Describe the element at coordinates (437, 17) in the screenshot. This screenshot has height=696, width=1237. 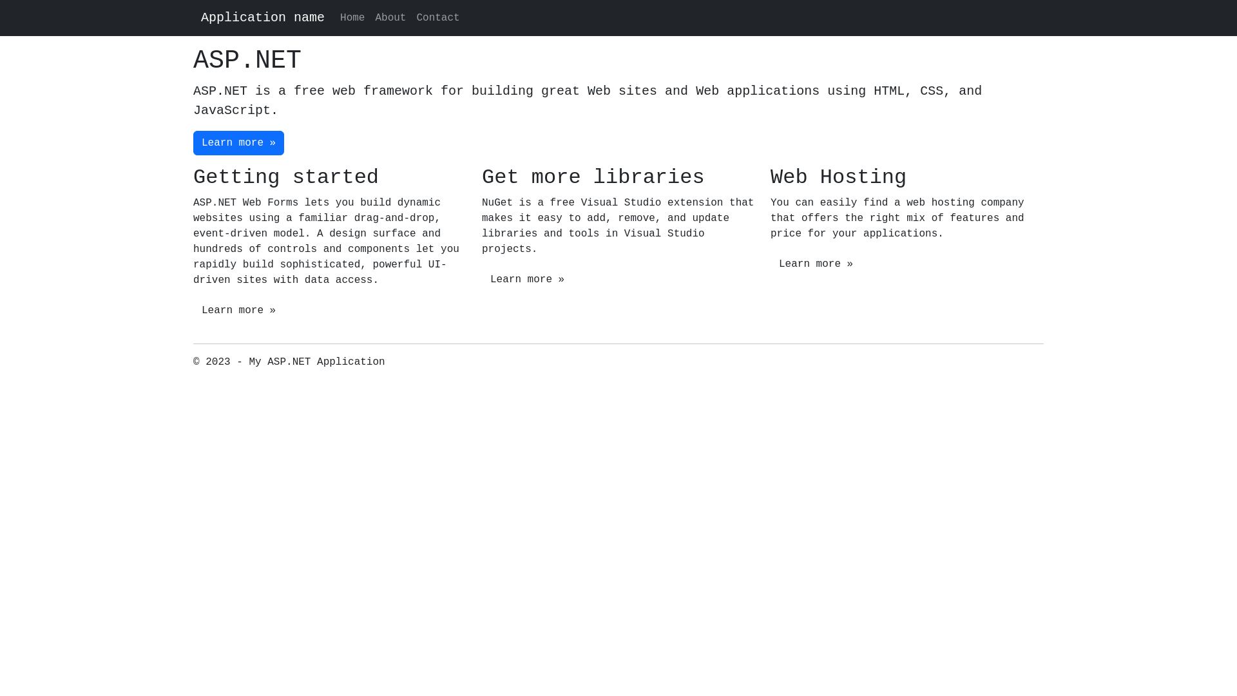
I see `'Contact'` at that location.